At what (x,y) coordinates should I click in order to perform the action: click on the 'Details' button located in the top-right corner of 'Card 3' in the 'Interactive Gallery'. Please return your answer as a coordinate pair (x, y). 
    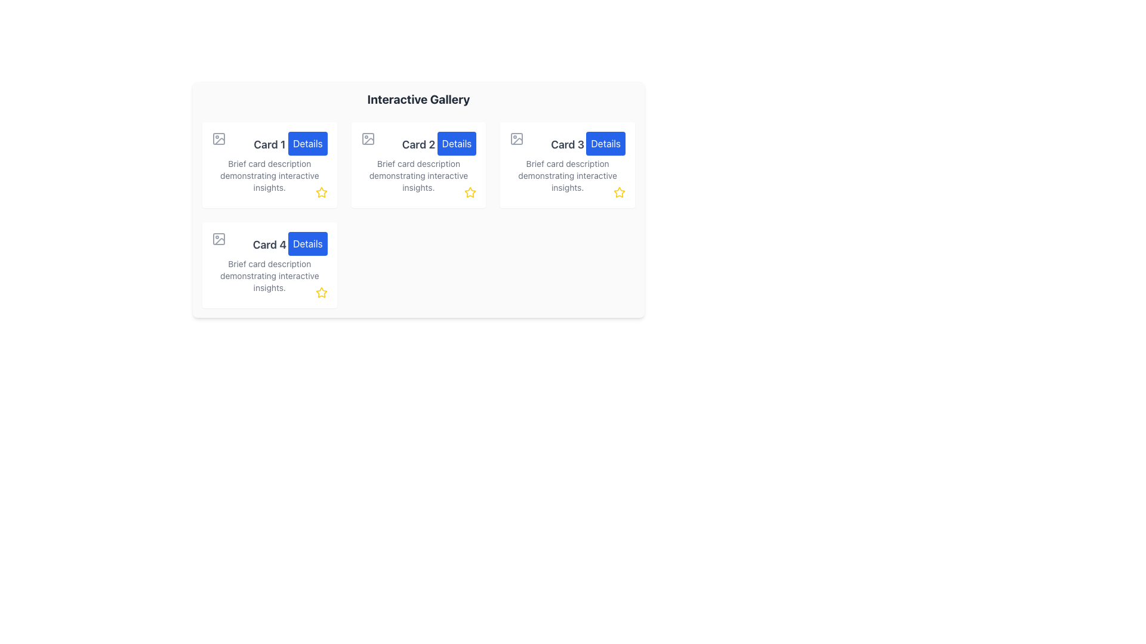
    Looking at the image, I should click on (606, 143).